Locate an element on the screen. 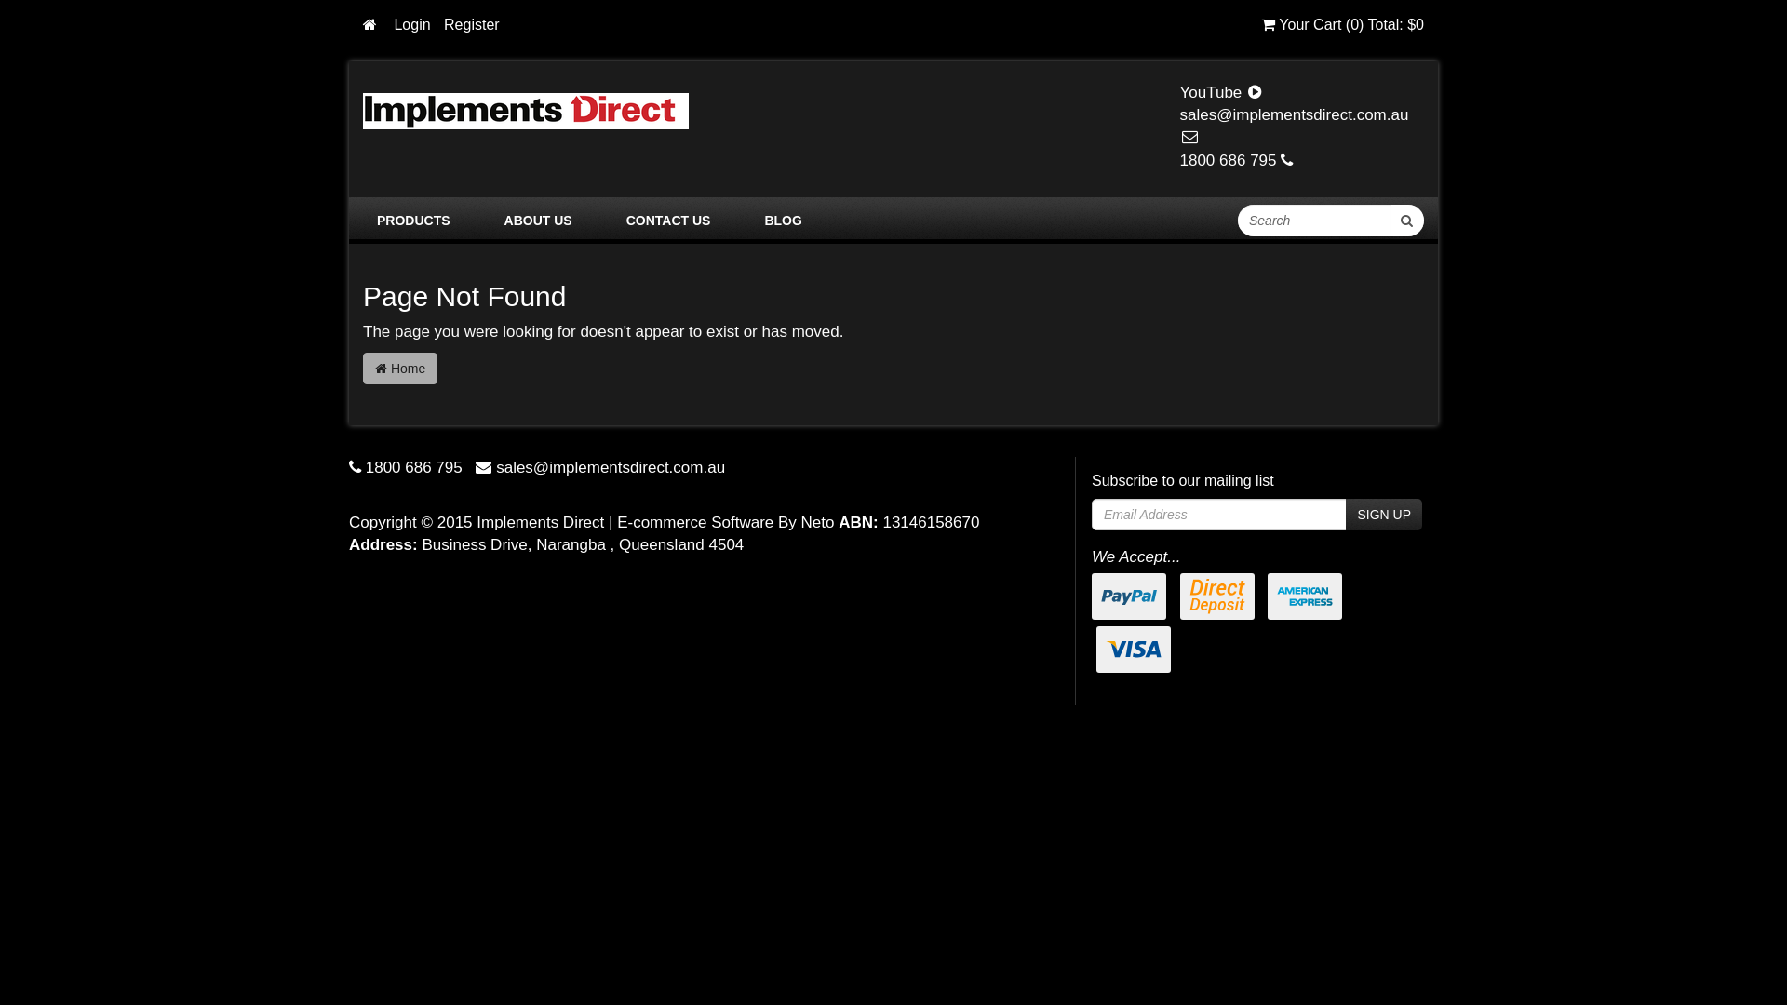 This screenshot has height=1005, width=1787. 'BLOG' is located at coordinates (782, 219).